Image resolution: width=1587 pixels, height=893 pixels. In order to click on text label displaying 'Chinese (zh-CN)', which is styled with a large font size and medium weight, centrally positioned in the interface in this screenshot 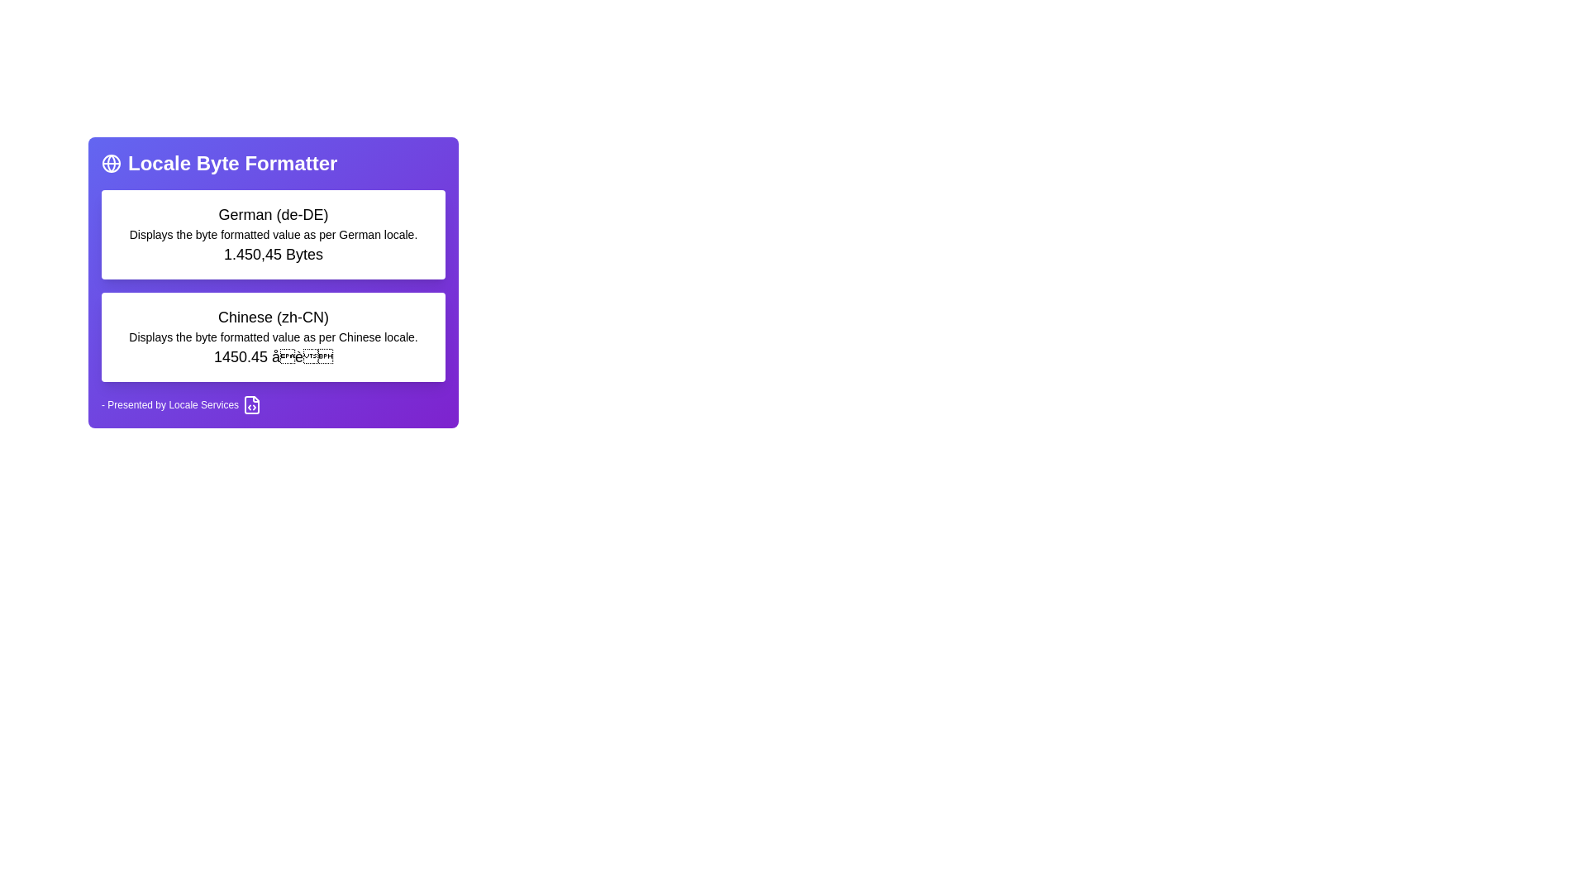, I will do `click(274, 318)`.